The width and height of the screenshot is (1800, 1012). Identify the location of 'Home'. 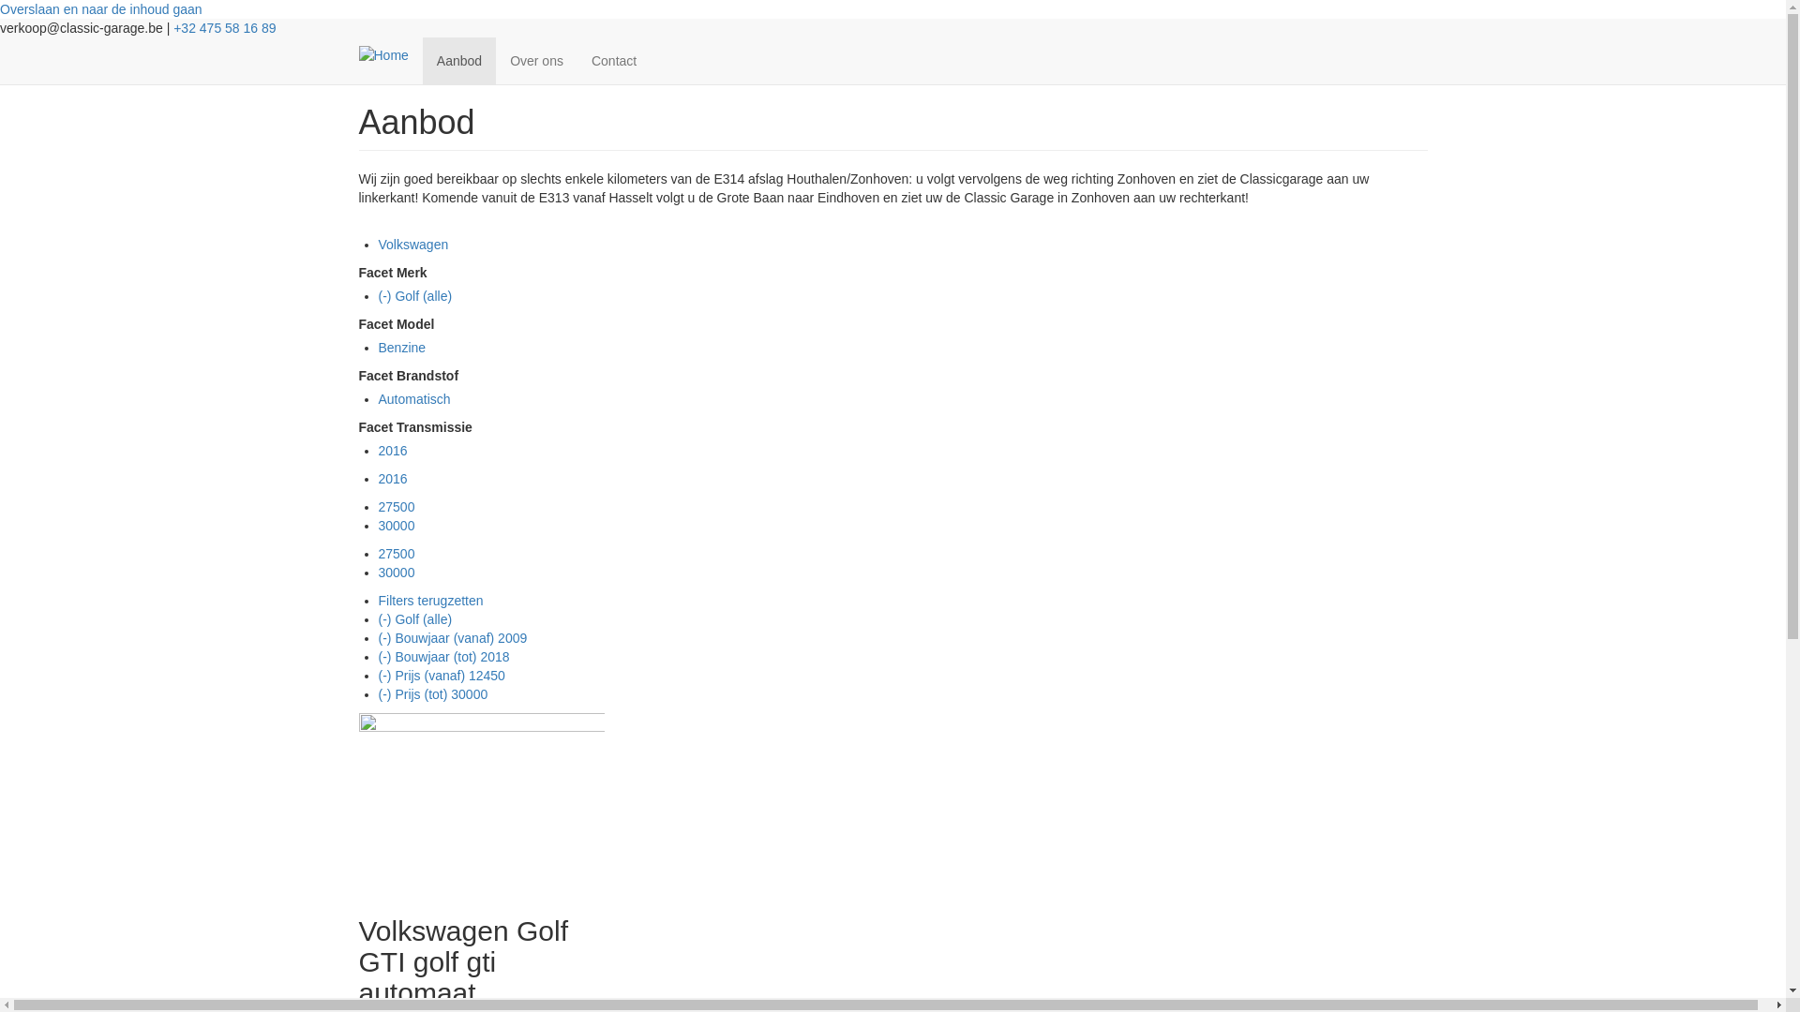
(389, 53).